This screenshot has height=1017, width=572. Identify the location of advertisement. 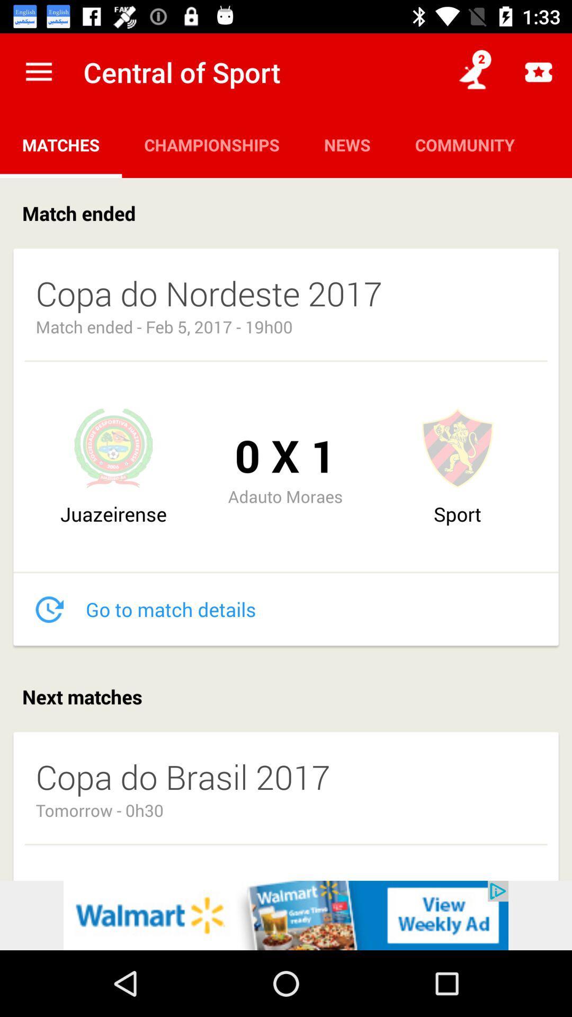
(286, 915).